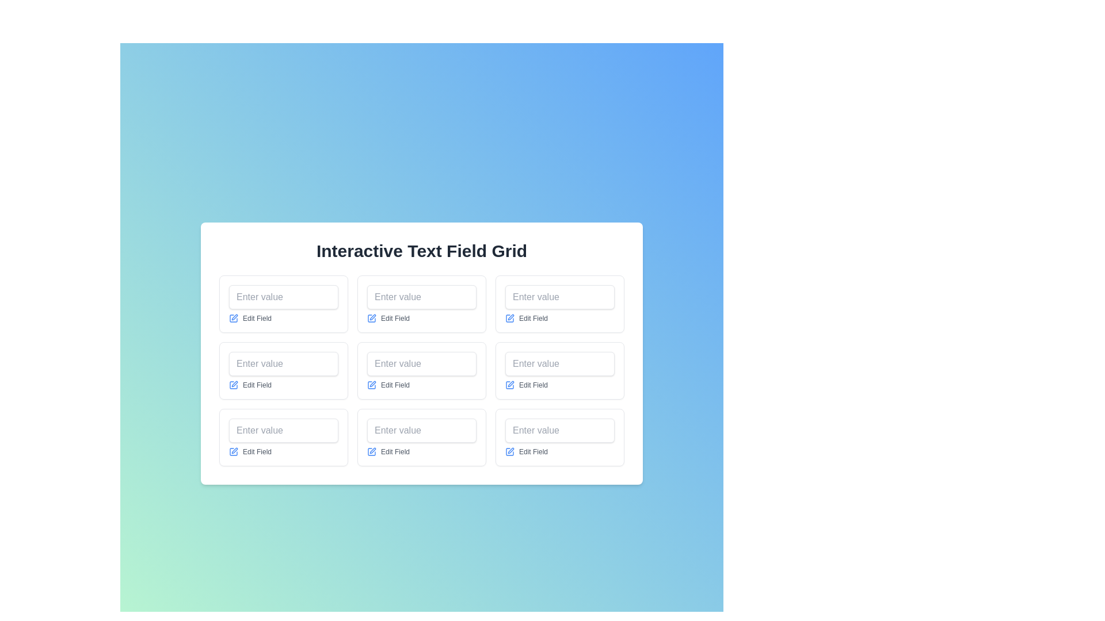 The width and height of the screenshot is (1105, 621). What do you see at coordinates (373, 317) in the screenshot?
I see `the pen icon that symbolizes edit functionality, located to the left of the 'Edit Field' text near the center of the interface` at bounding box center [373, 317].